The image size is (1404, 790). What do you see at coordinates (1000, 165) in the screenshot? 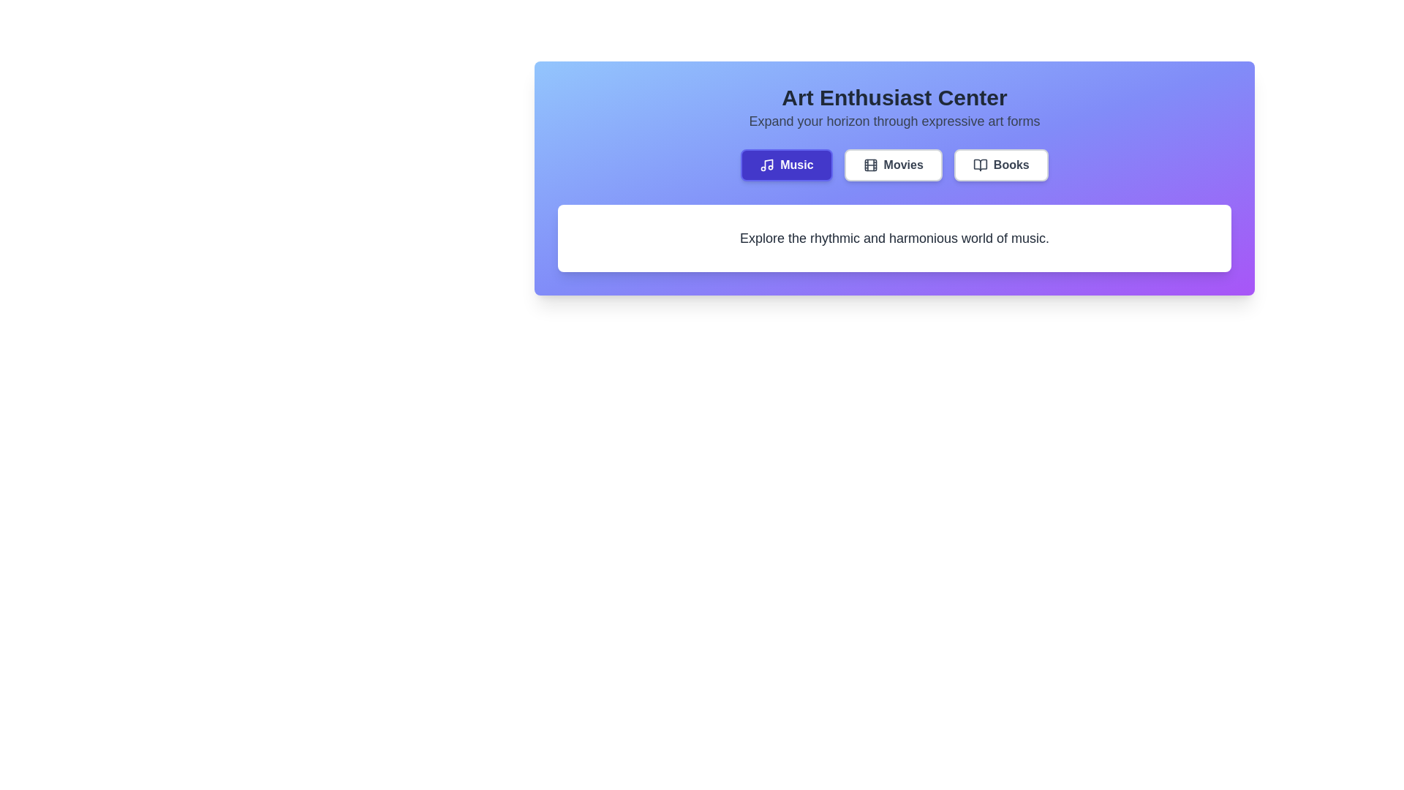
I see `the Books button to observe the hover effect` at bounding box center [1000, 165].